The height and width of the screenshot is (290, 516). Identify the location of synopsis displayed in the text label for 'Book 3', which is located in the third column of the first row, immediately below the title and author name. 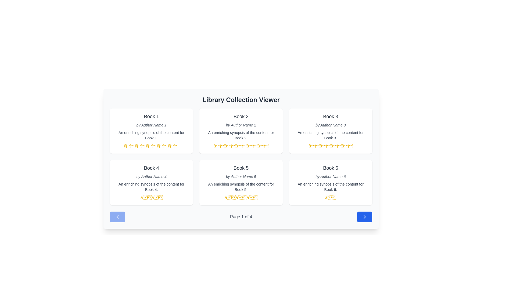
(330, 135).